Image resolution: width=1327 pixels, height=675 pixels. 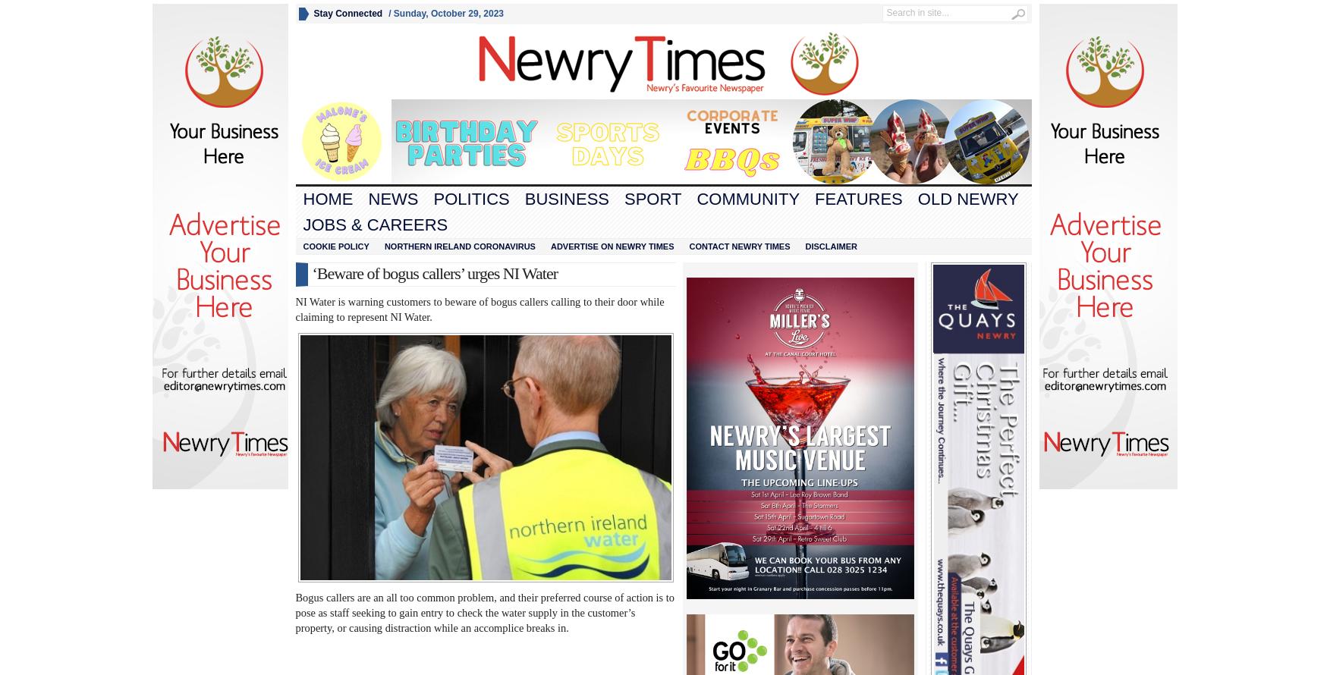 I want to click on 'Northern Ireland Coronavirus', so click(x=458, y=246).